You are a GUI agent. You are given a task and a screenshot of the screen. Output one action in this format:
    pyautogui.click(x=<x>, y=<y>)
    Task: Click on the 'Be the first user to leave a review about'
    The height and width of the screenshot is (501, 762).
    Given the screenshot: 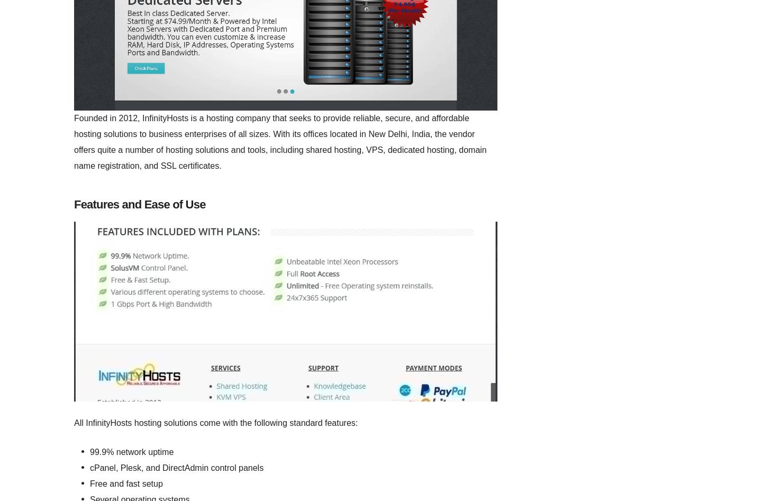 What is the action you would take?
    pyautogui.click(x=124, y=47)
    